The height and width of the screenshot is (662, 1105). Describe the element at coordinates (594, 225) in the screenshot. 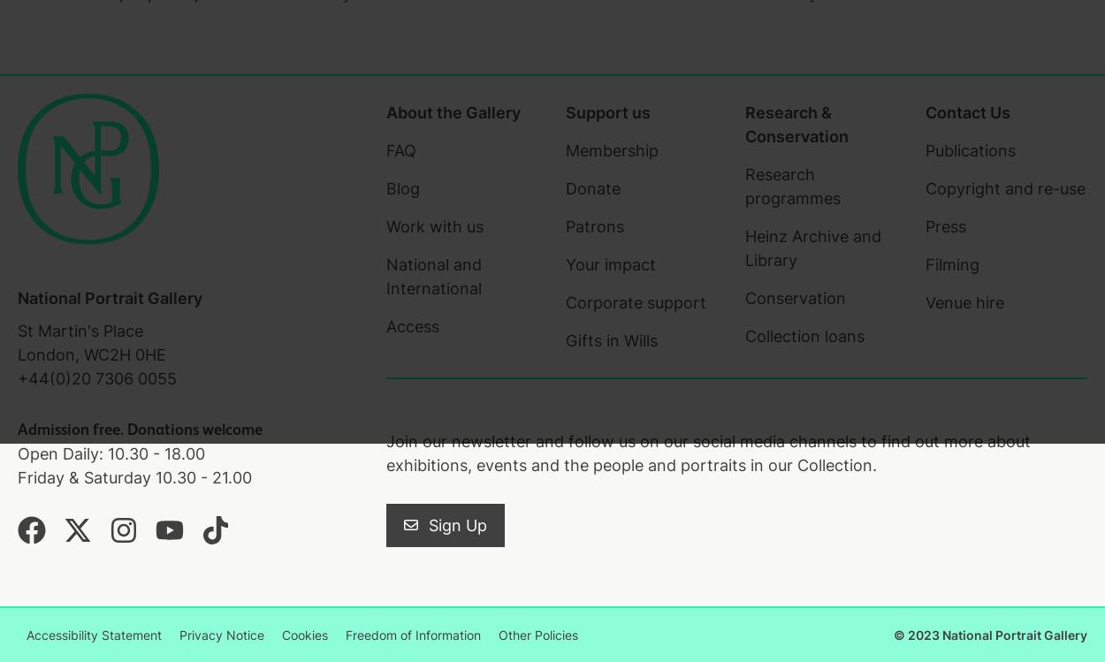

I see `'Patrons'` at that location.